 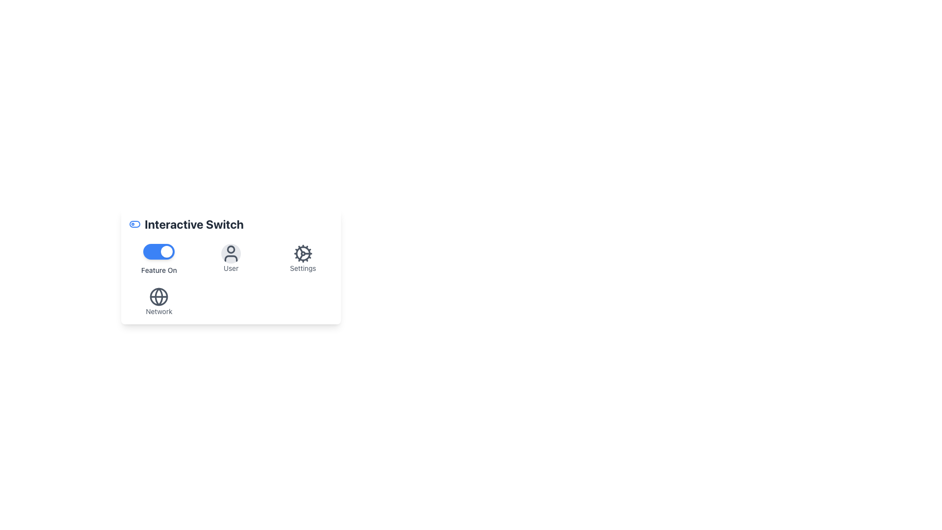 I want to click on the blue toggle switch located above the text 'Feature On' to change its state, so click(x=159, y=251).